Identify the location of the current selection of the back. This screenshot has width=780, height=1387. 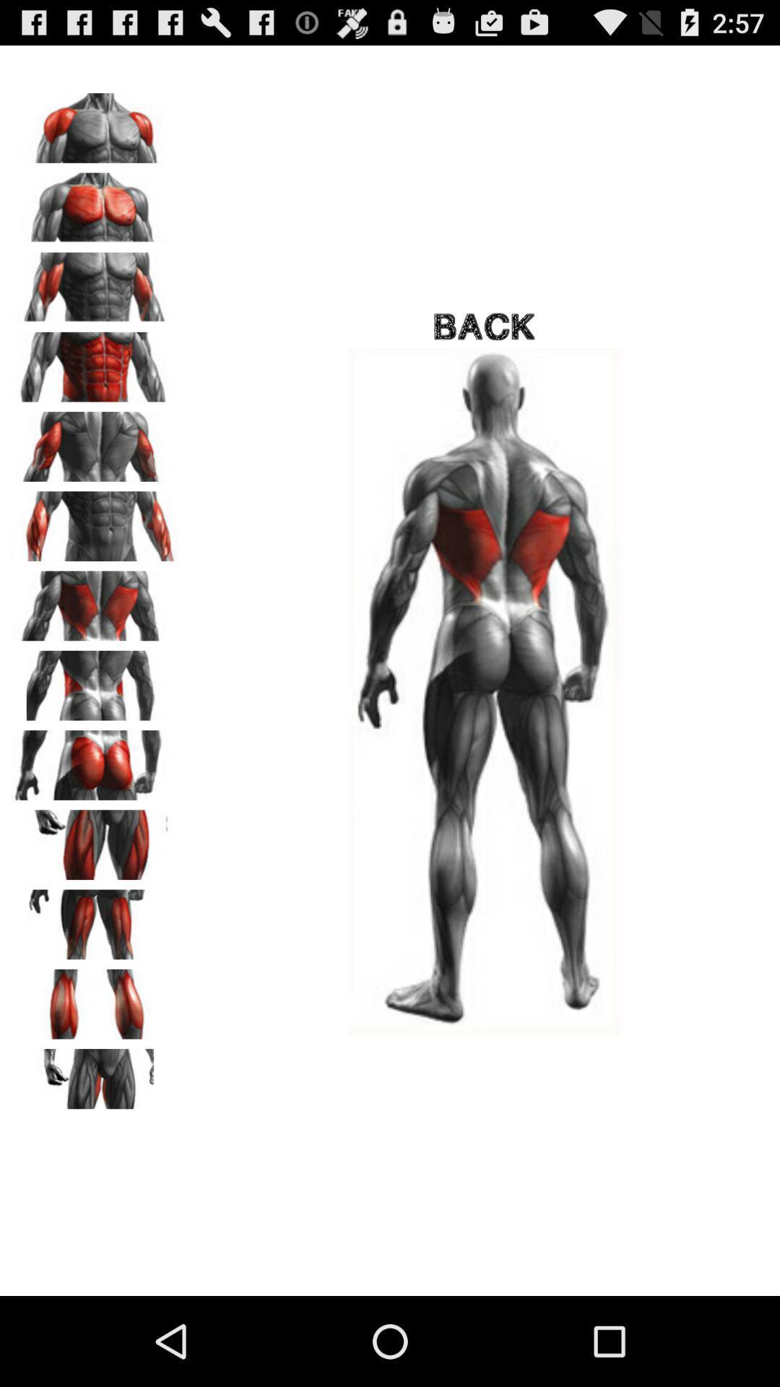
(95, 680).